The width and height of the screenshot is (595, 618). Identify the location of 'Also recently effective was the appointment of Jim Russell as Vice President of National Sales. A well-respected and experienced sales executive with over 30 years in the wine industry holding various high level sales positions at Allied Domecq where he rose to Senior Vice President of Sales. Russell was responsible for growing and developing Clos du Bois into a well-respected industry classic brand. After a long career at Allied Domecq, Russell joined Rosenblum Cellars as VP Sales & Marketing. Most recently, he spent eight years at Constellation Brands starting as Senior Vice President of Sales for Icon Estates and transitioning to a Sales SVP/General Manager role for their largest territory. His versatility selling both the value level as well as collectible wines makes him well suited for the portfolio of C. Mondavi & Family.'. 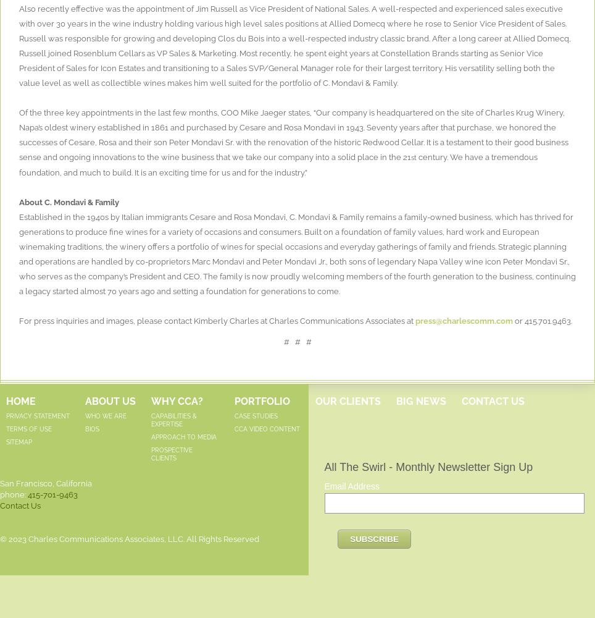
(295, 44).